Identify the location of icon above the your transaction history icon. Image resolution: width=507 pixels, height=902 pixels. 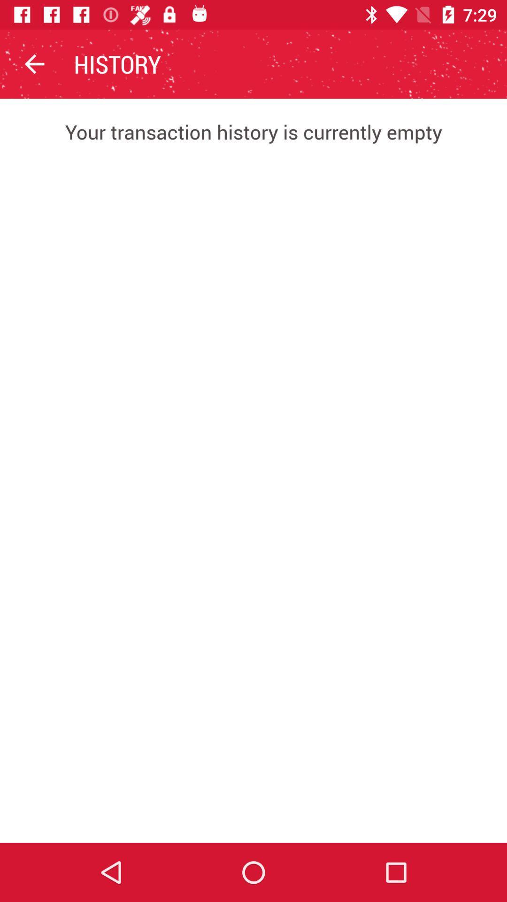
(34, 63).